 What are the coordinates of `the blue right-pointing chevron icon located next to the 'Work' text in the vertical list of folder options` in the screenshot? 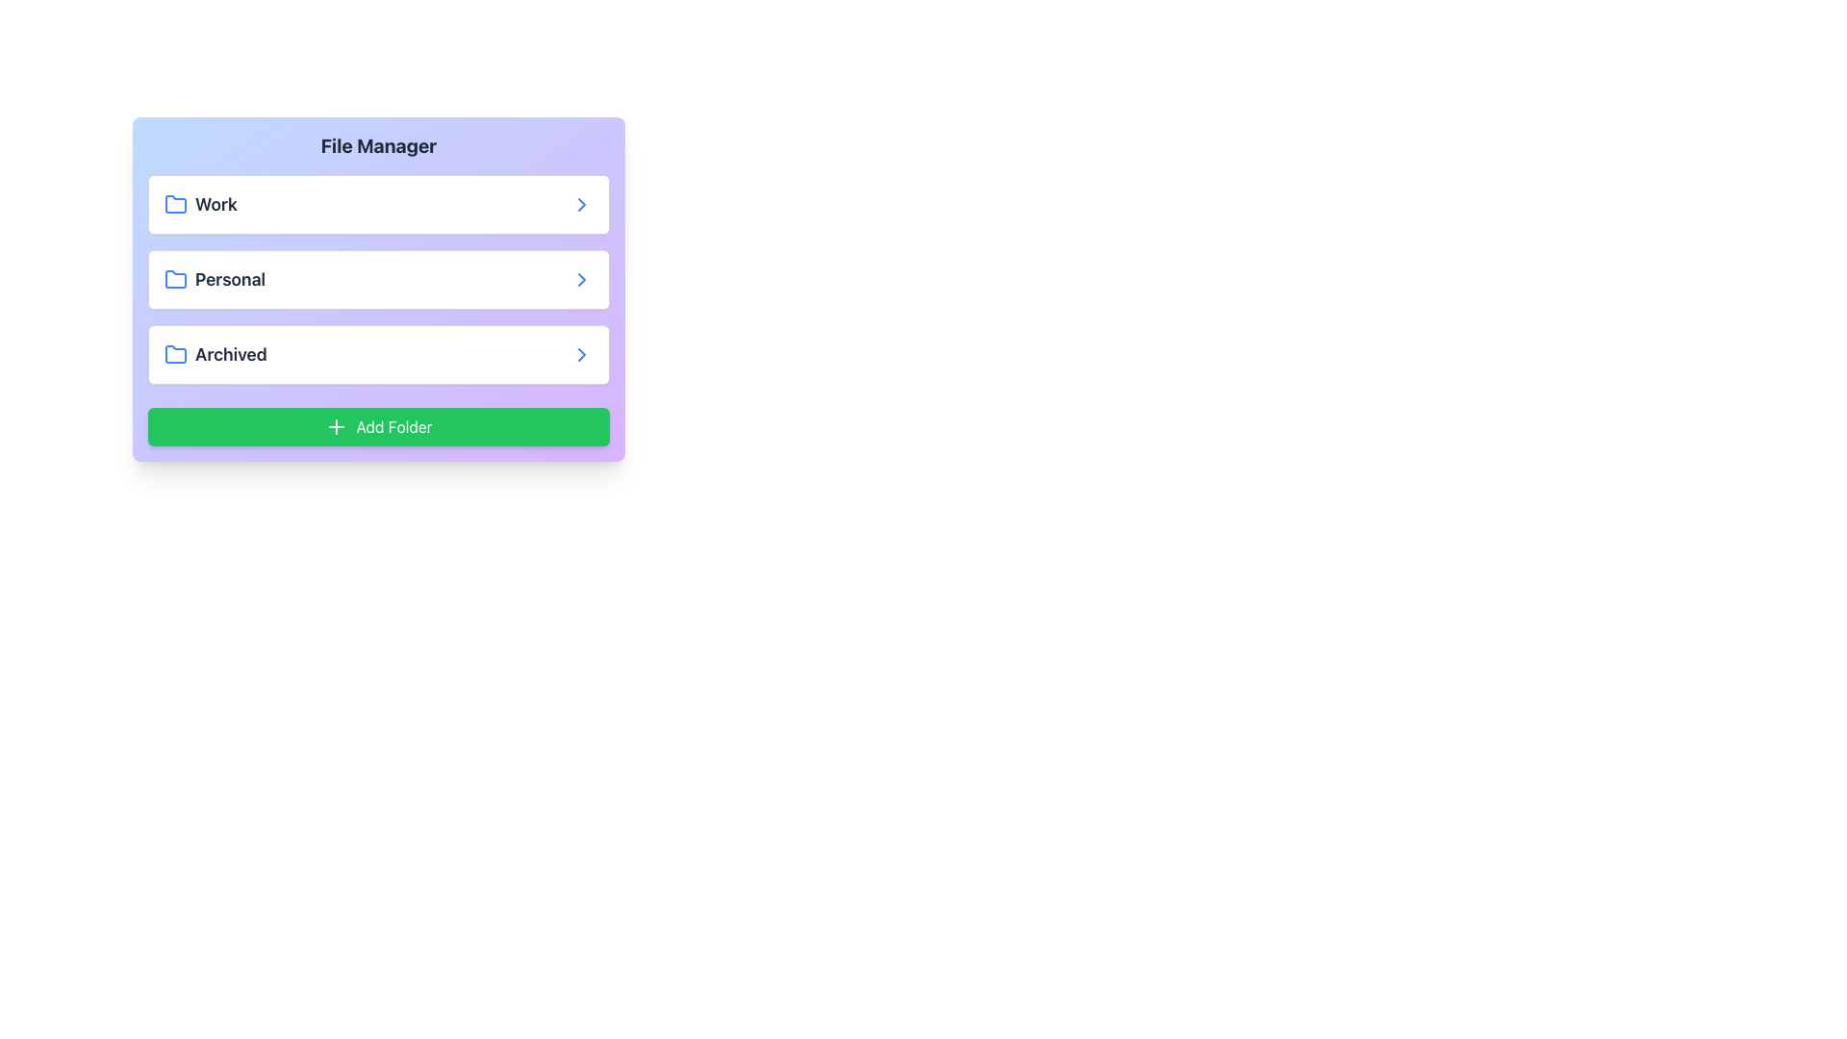 It's located at (580, 204).